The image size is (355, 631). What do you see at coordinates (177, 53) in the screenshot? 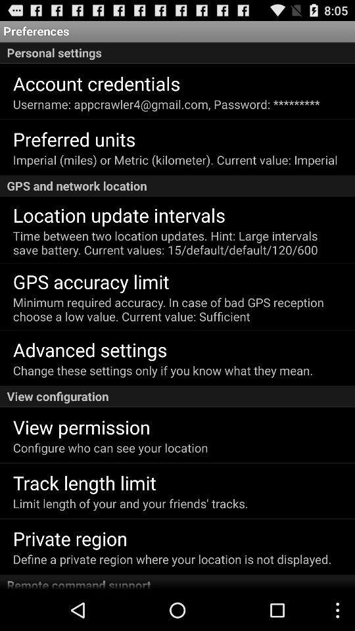
I see `personal settings icon` at bounding box center [177, 53].